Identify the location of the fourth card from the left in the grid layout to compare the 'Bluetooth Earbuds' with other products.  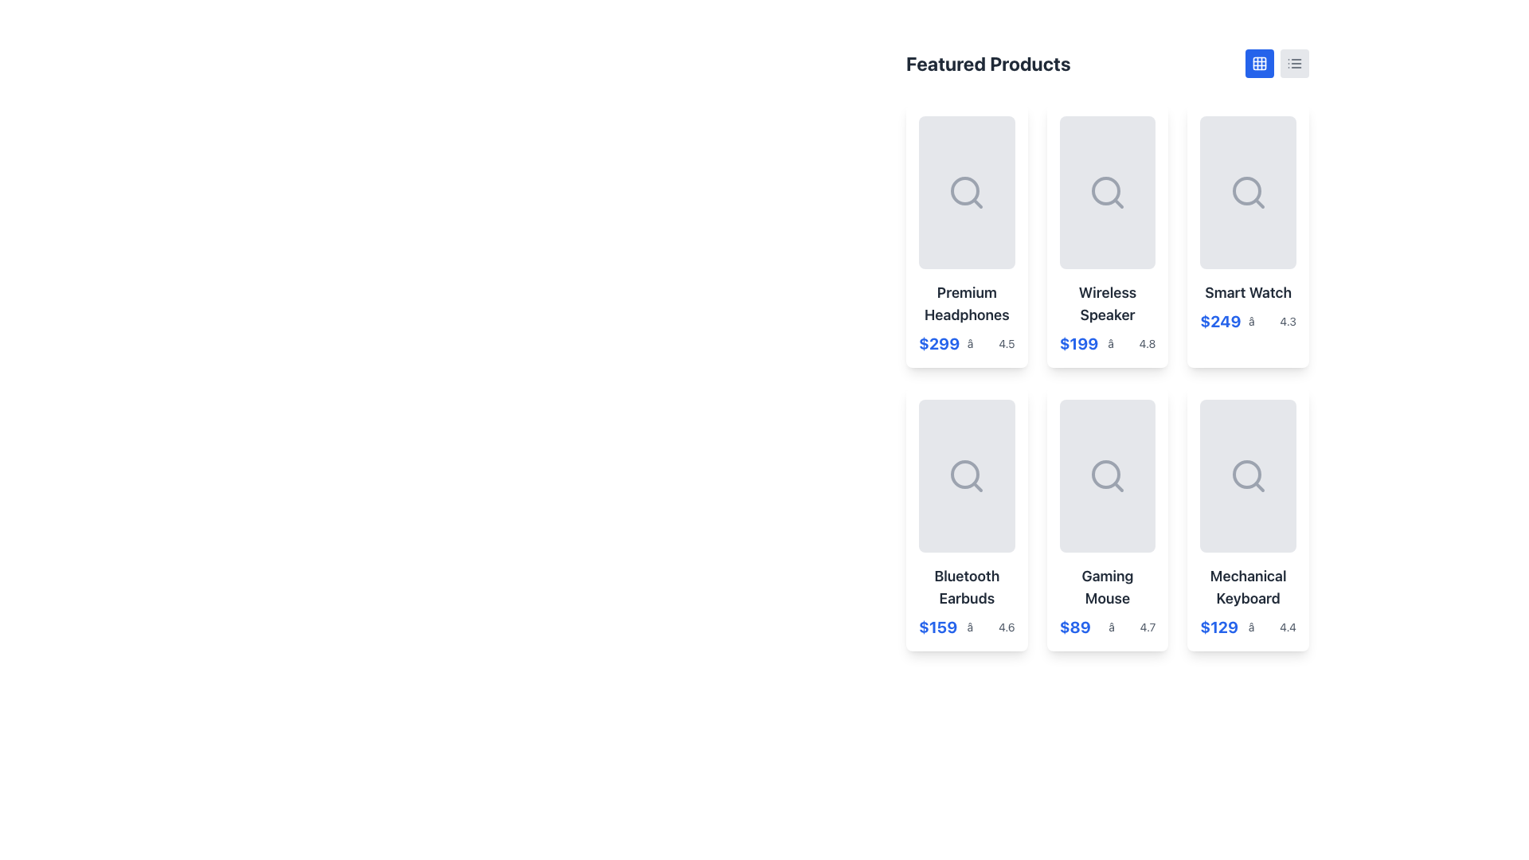
(966, 518).